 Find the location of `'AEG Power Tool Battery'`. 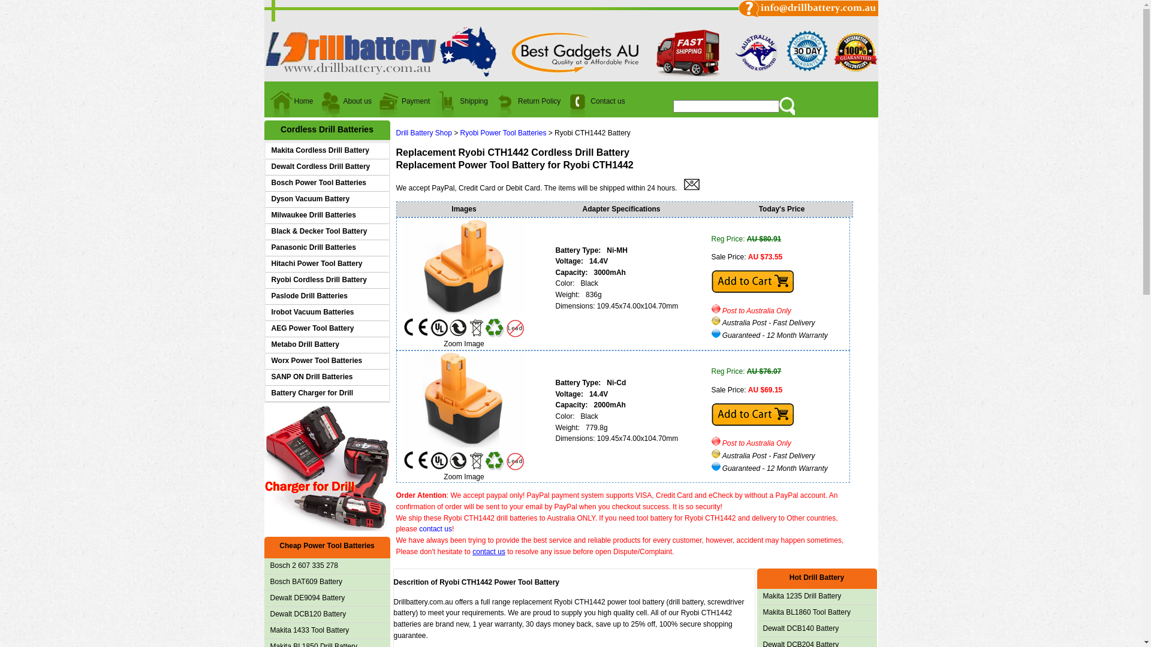

'AEG Power Tool Battery' is located at coordinates (327, 328).